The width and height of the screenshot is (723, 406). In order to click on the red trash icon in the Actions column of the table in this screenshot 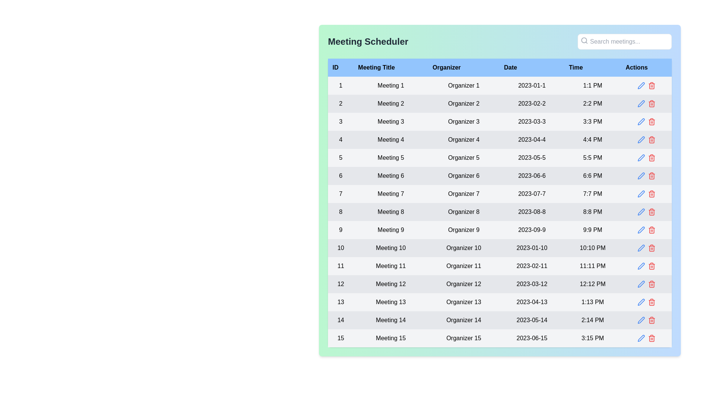, I will do `click(651, 266)`.